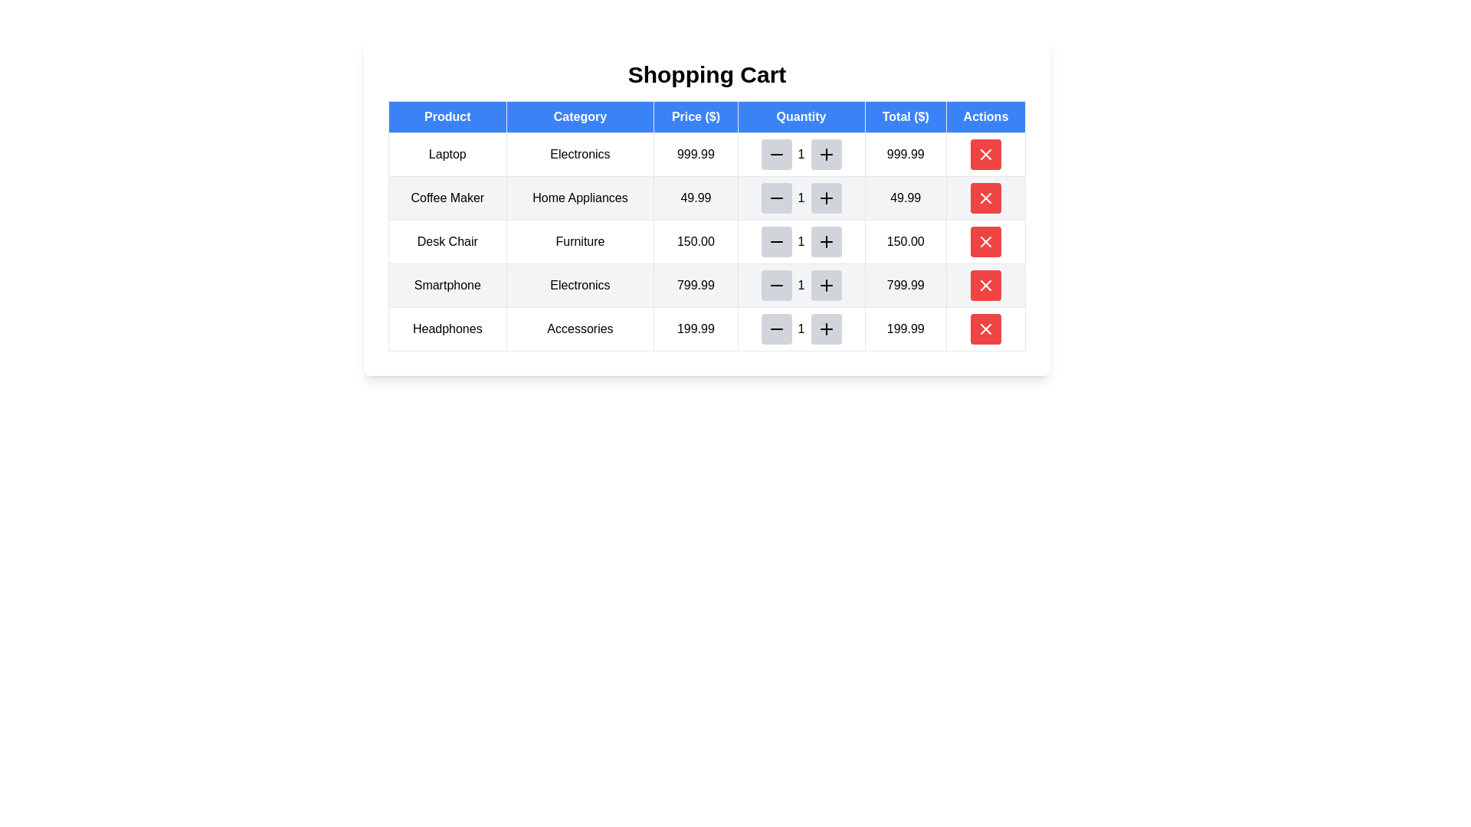 The image size is (1471, 827). Describe the element at coordinates (985, 154) in the screenshot. I see `the delete button located in the 'Actions' column of the first row of the shopping cart` at that location.